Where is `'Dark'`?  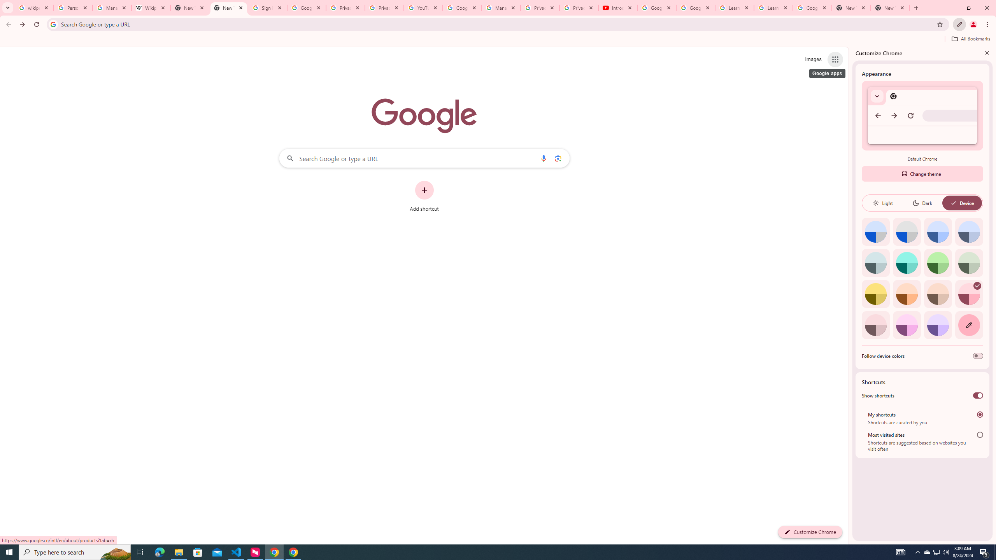
'Dark' is located at coordinates (922, 203).